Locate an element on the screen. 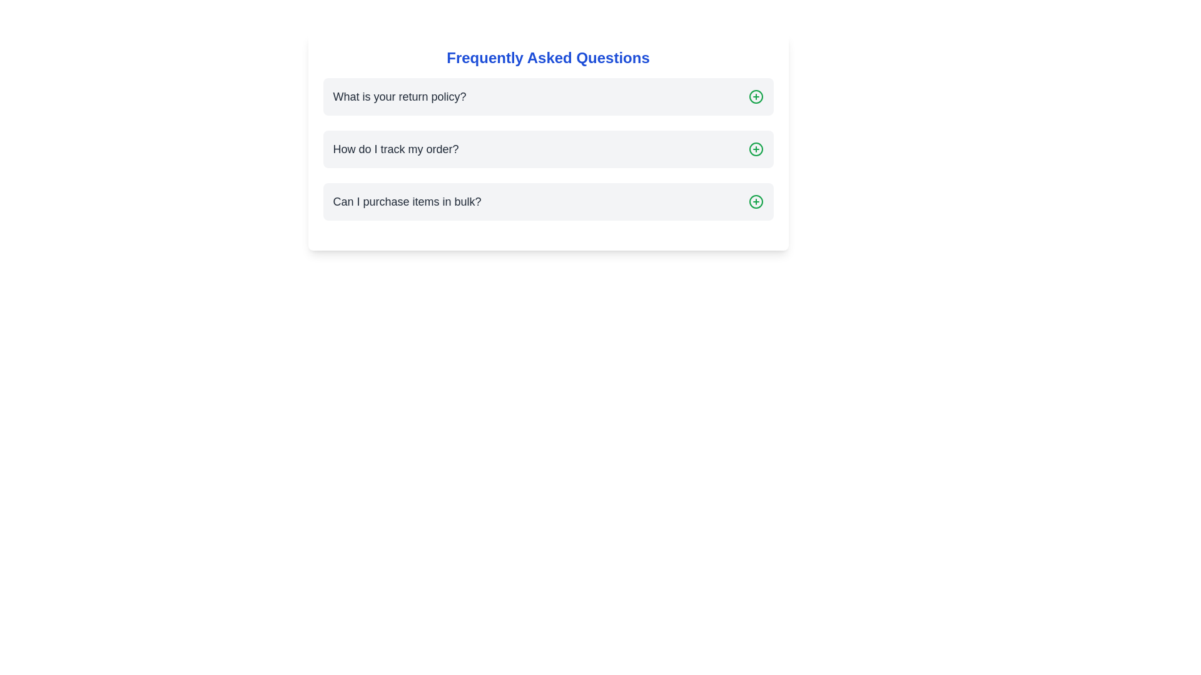 The width and height of the screenshot is (1201, 675). the text label displaying 'How do I track my order?' which is the second question in the list of FAQs is located at coordinates (395, 149).